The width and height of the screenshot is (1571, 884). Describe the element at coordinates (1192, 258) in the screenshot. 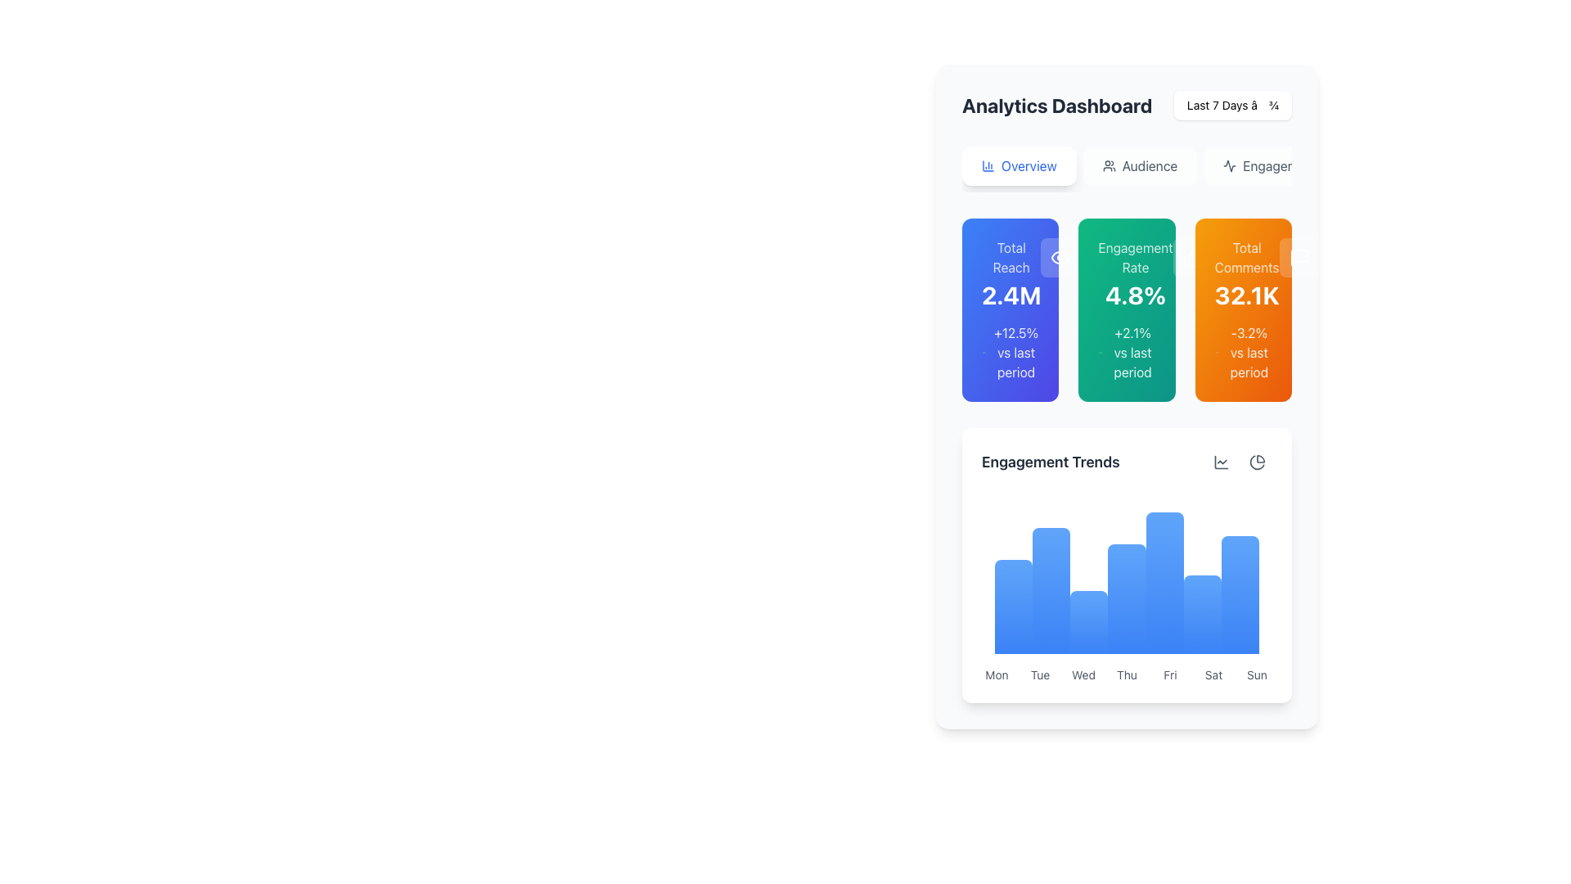

I see `the approval icon located in the top-right region of the dashboard interface, positioned to the right of the engagement rate card and adjacent to the total comments card` at that location.